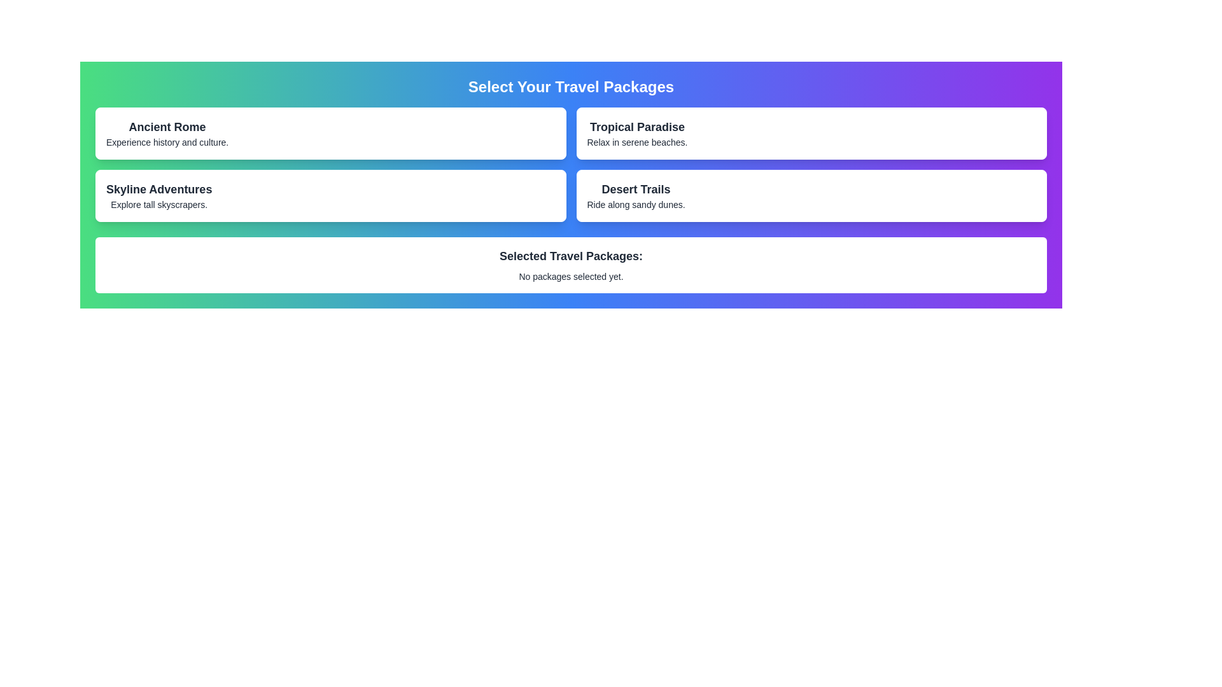 The image size is (1222, 687). What do you see at coordinates (637, 142) in the screenshot?
I see `the static text label that serves as a descriptive subtitle for the 'Tropical Paradise' title, located in the upper right quadrant of the interface` at bounding box center [637, 142].